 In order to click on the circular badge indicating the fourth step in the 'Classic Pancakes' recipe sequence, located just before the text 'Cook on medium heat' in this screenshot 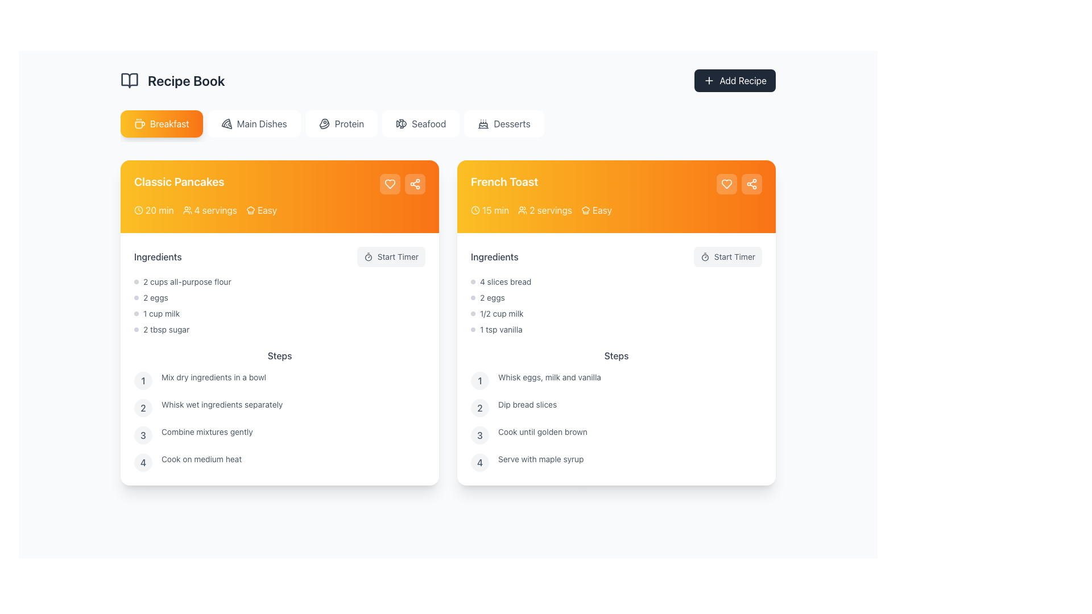, I will do `click(143, 462)`.